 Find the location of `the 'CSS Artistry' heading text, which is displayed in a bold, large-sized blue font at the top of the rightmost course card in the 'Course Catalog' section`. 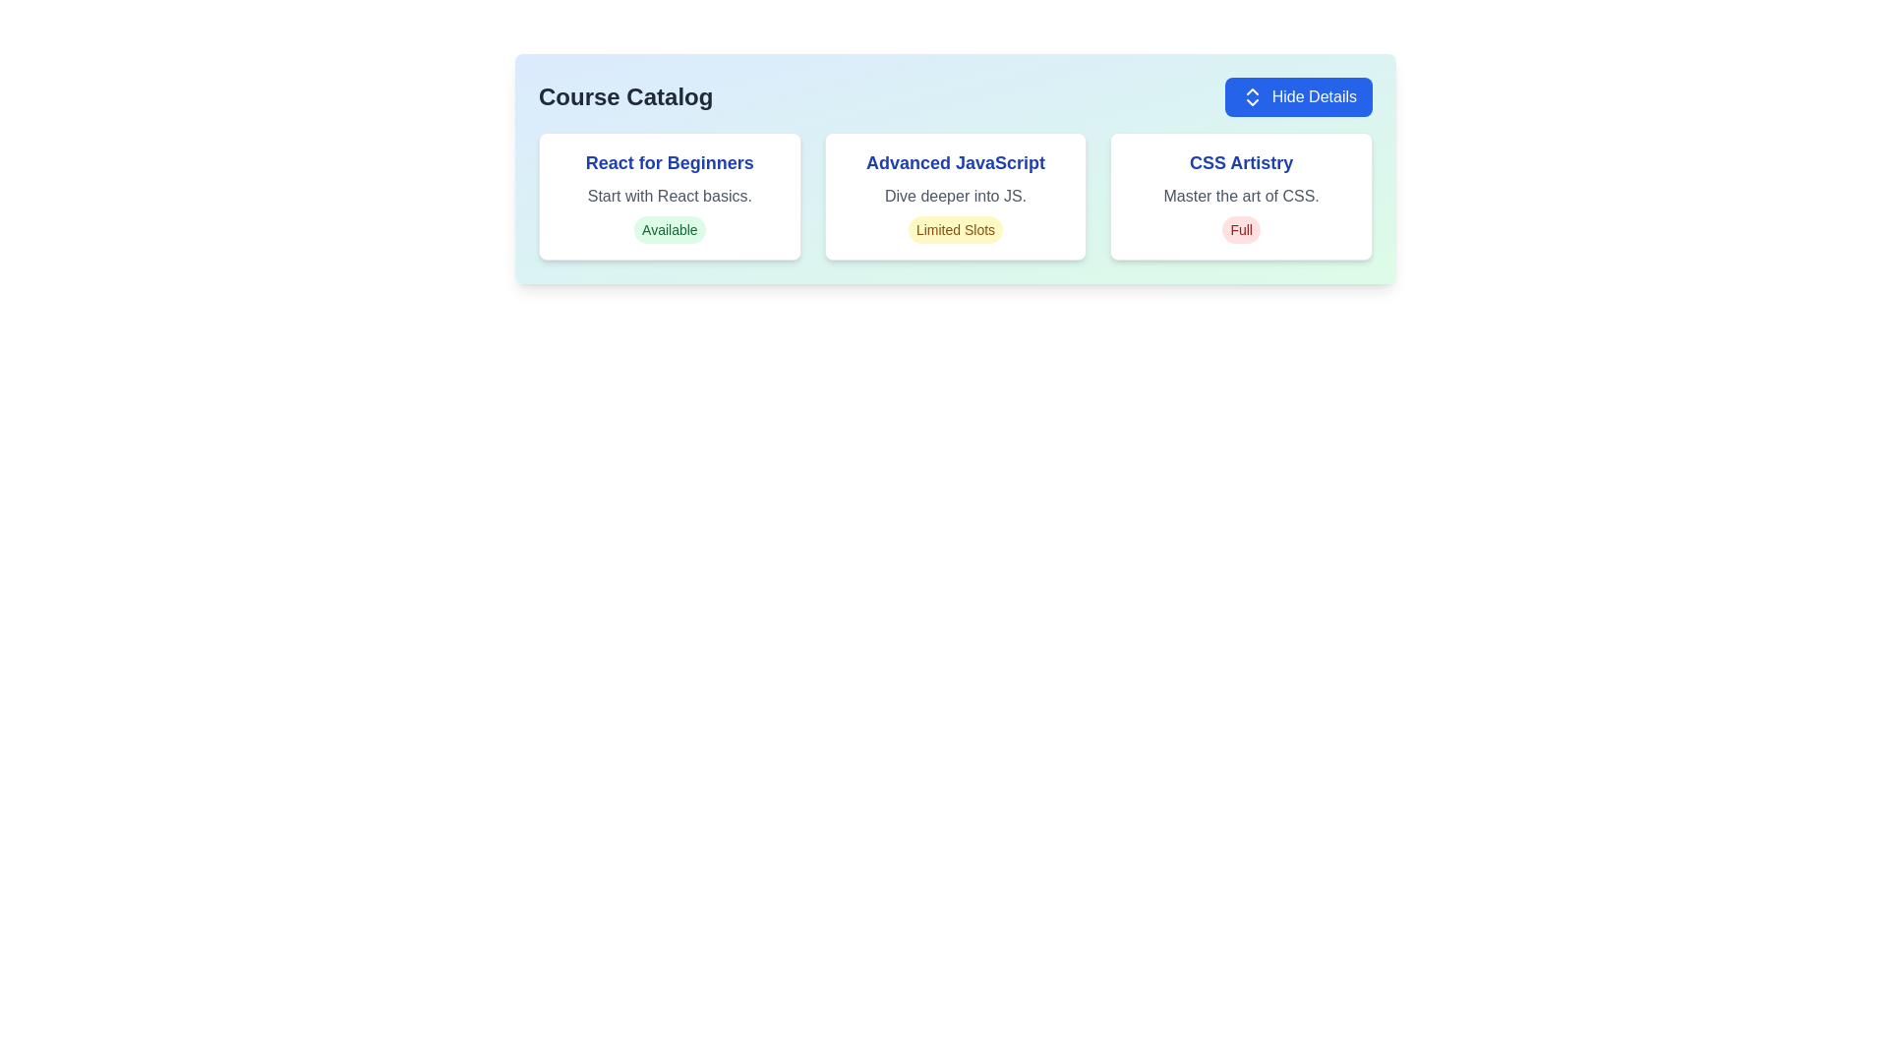

the 'CSS Artistry' heading text, which is displayed in a bold, large-sized blue font at the top of the rightmost course card in the 'Course Catalog' section is located at coordinates (1240, 161).